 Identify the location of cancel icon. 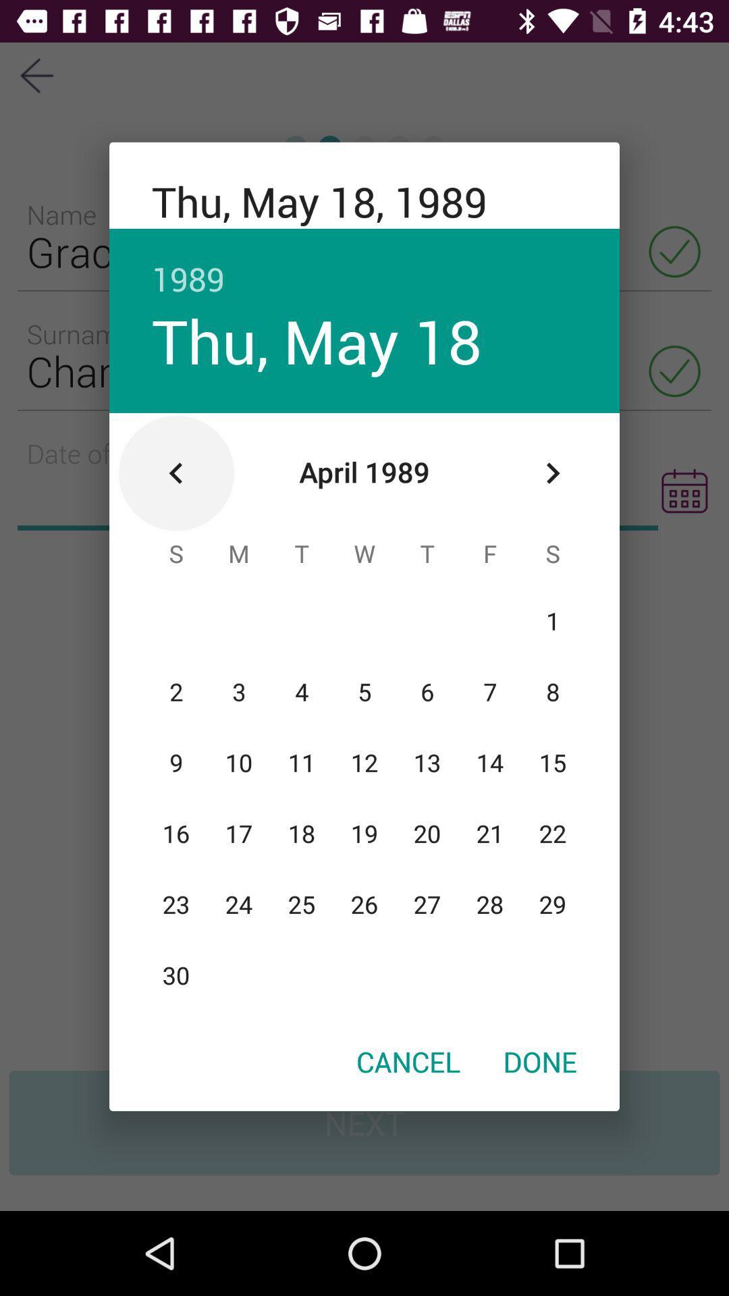
(408, 1060).